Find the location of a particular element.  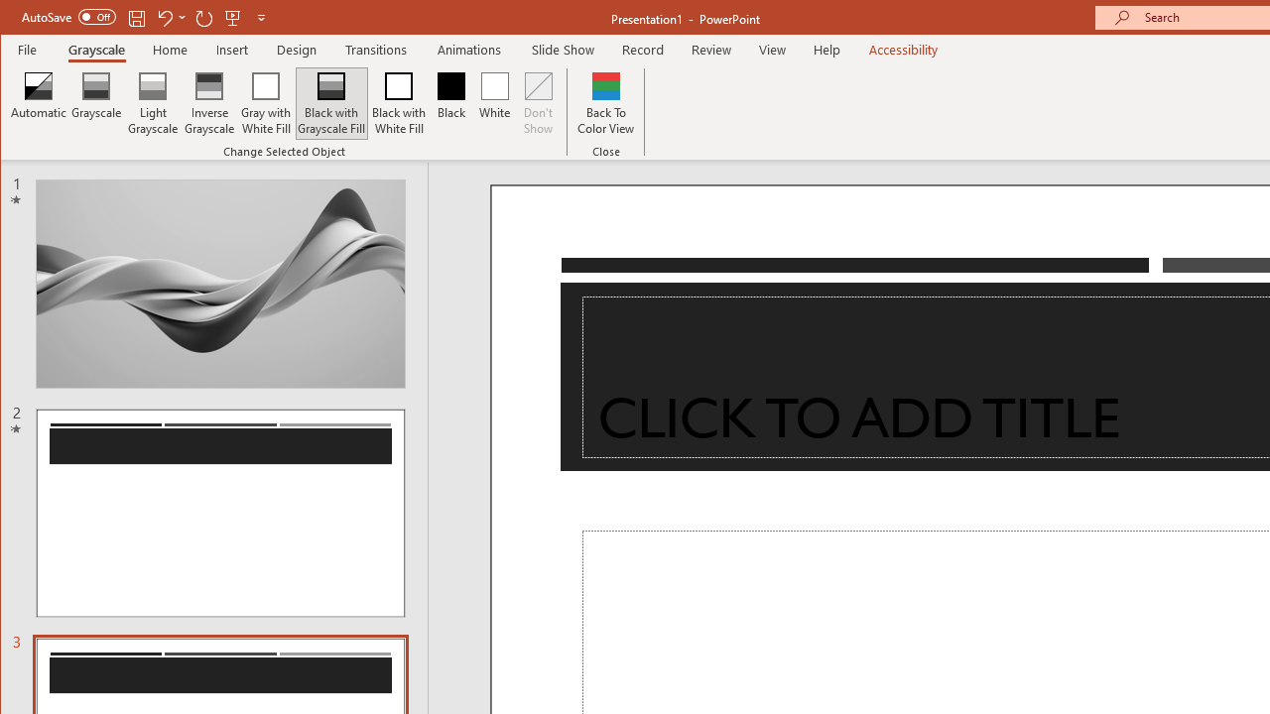

'Back To Color View' is located at coordinates (605, 103).